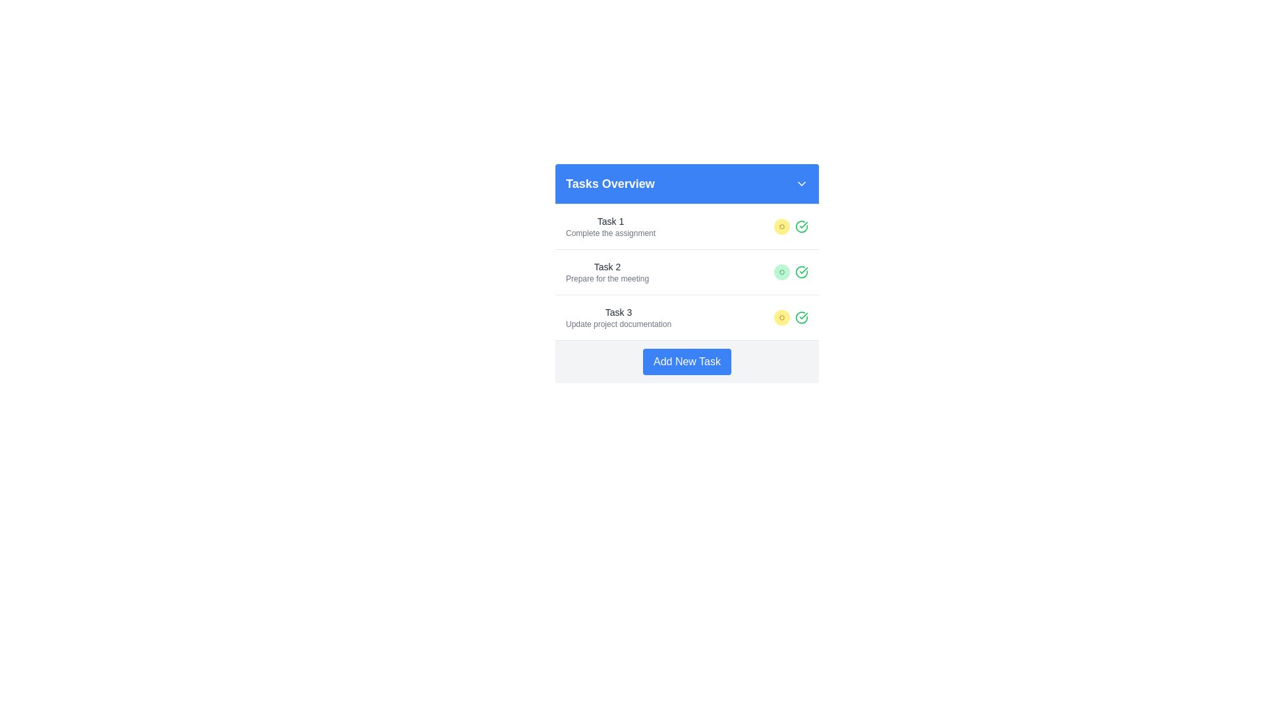  I want to click on the status indicator for the task 'Prepare for the meeting', which is located on the right side of the 'Task 2' list item, so click(791, 271).